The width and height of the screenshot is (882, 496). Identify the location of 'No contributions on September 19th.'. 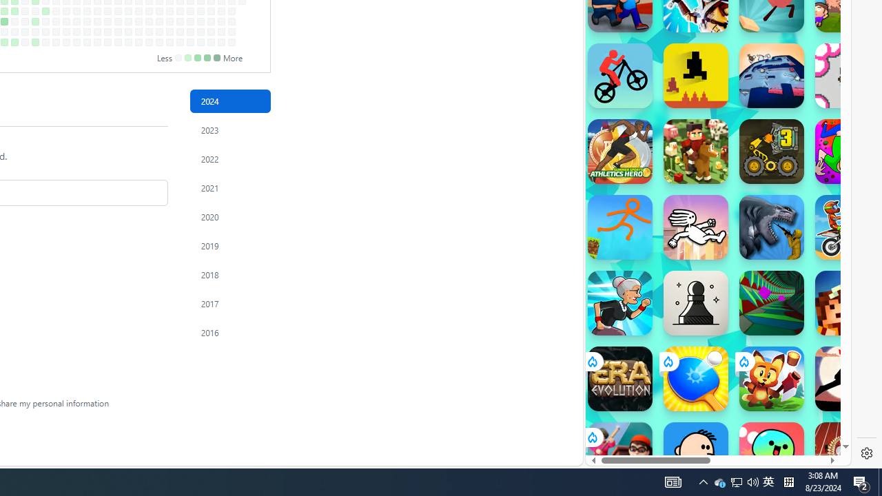
(86, 21).